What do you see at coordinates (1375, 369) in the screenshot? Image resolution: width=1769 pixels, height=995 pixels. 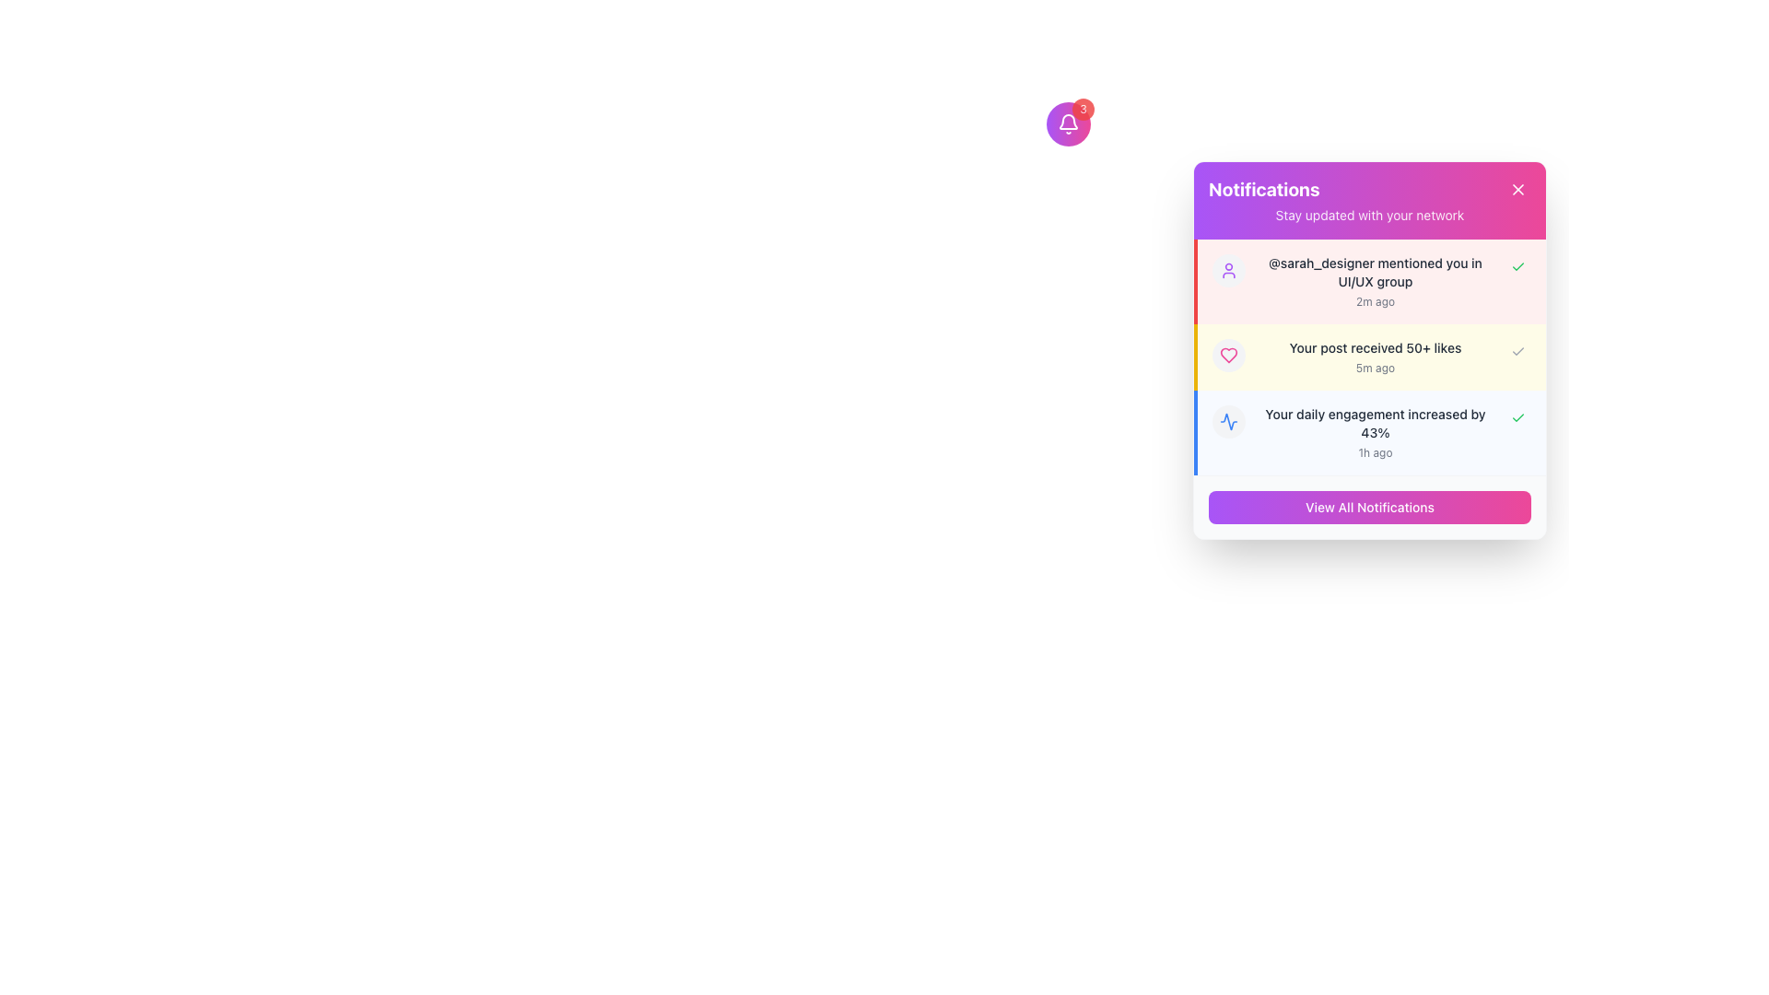 I see `time elapsed label located in the second notification item of the notification panel, positioned below the text 'Your post received 50+ likes'` at bounding box center [1375, 369].